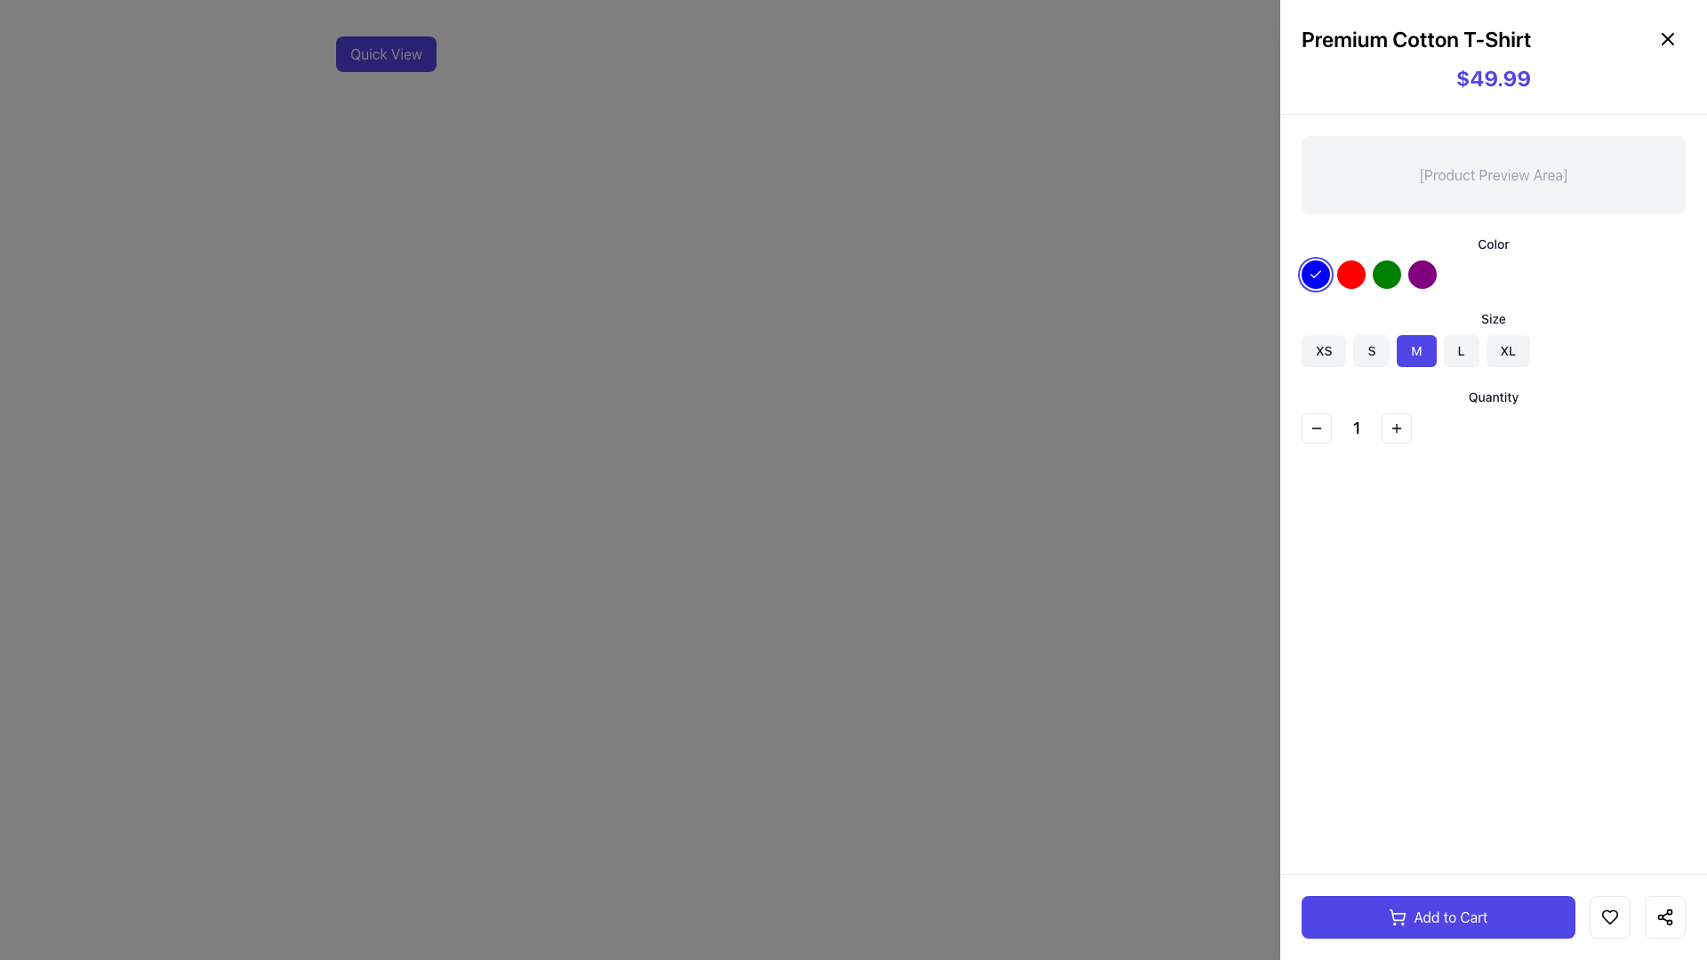 The height and width of the screenshot is (960, 1707). What do you see at coordinates (1315, 274) in the screenshot?
I see `the leftmost circular button with a blue background and white checkmark icon, which represents the blue color option` at bounding box center [1315, 274].